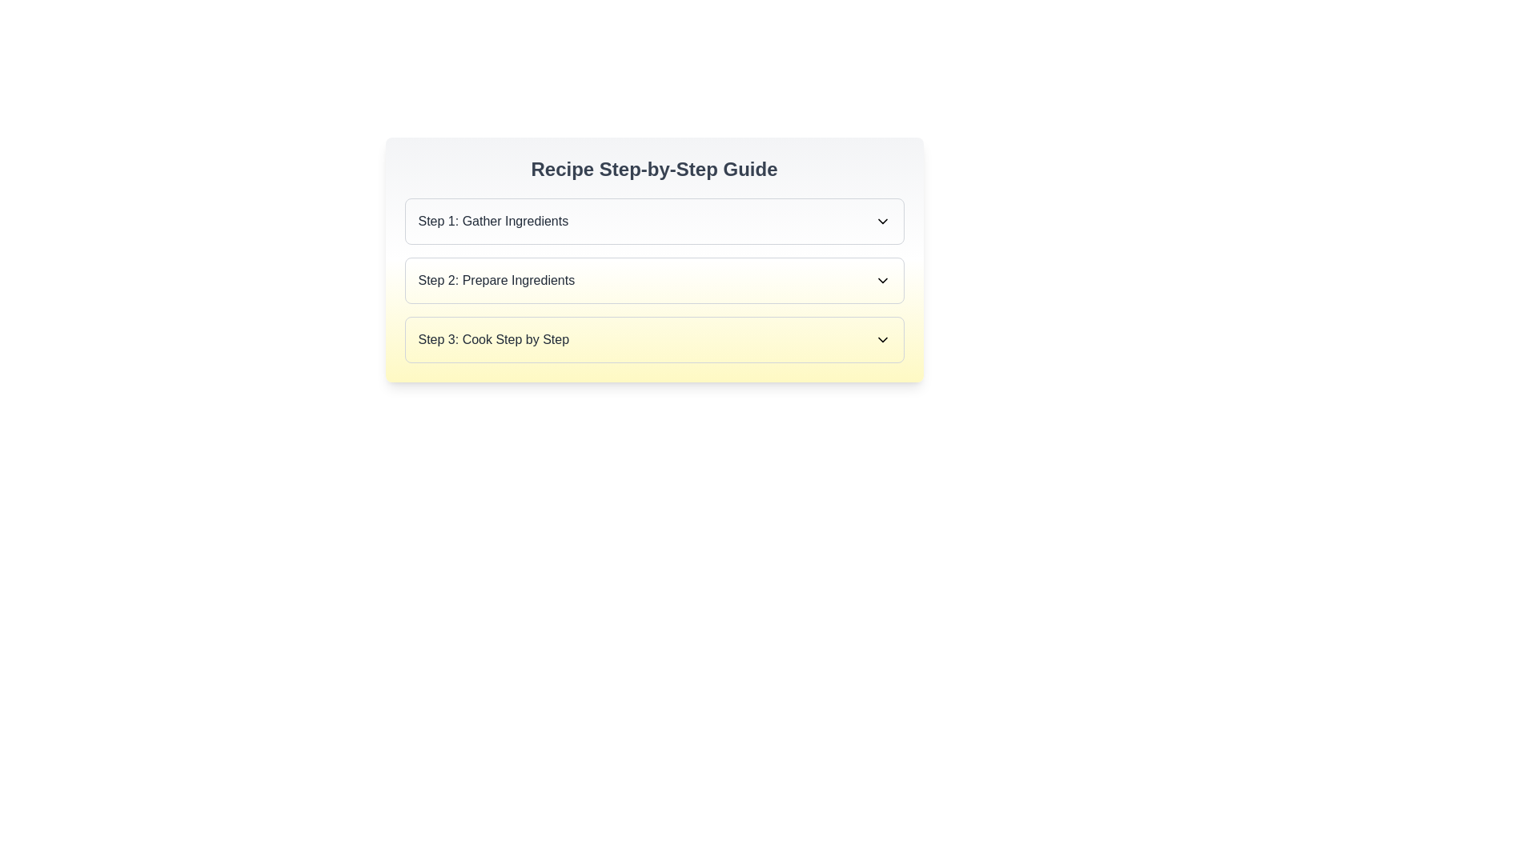 The image size is (1537, 864). What do you see at coordinates (654, 222) in the screenshot?
I see `the collapsible list item labeled 'Step 1: Gather Ingredients'` at bounding box center [654, 222].